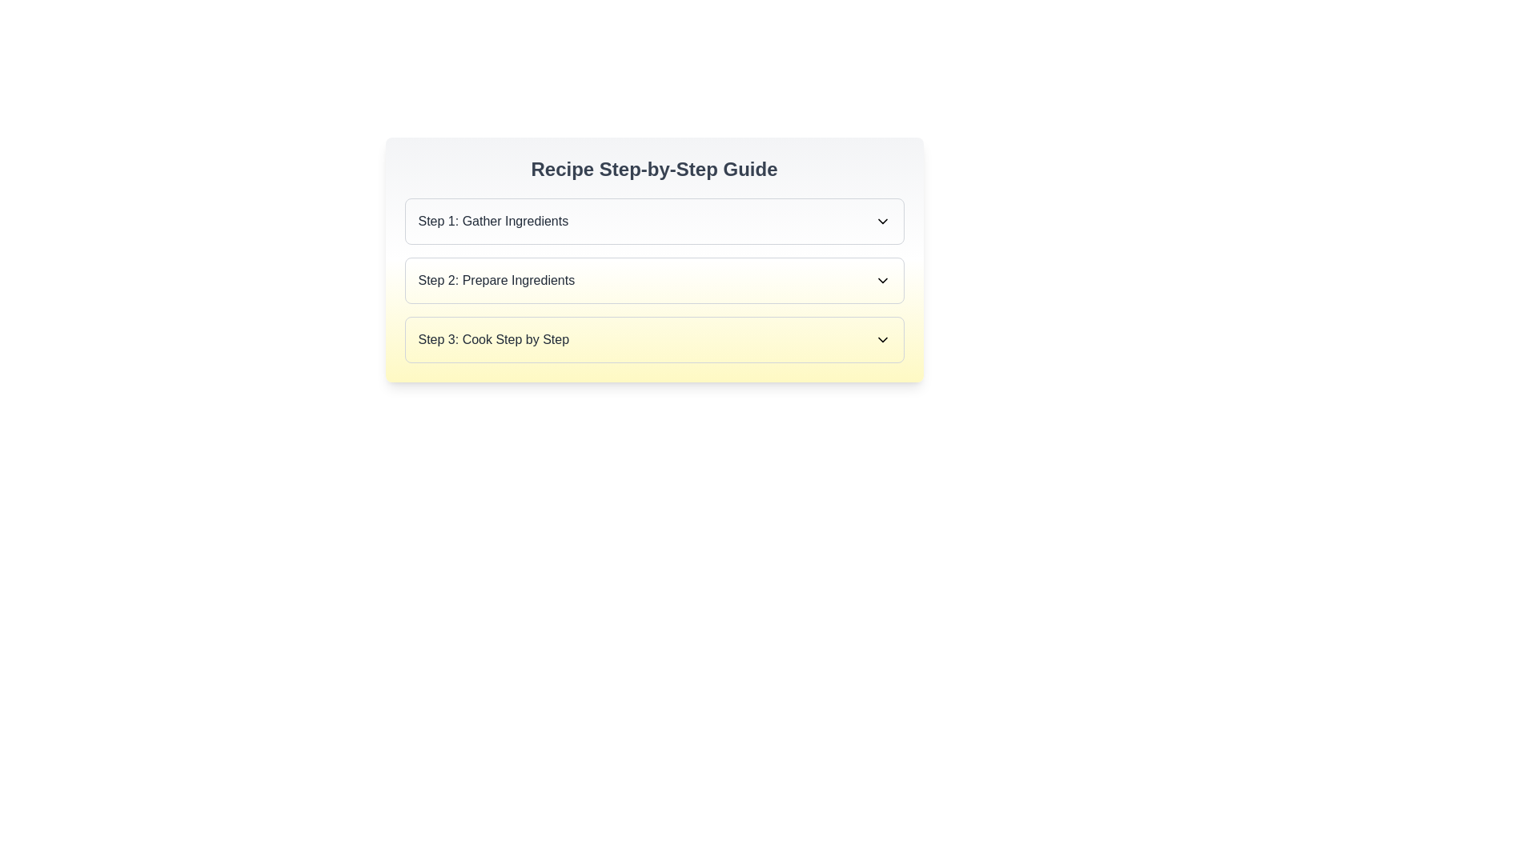 The image size is (1537, 864). What do you see at coordinates (654, 222) in the screenshot?
I see `the collapsible list item labeled 'Step 1: Gather Ingredients'` at bounding box center [654, 222].